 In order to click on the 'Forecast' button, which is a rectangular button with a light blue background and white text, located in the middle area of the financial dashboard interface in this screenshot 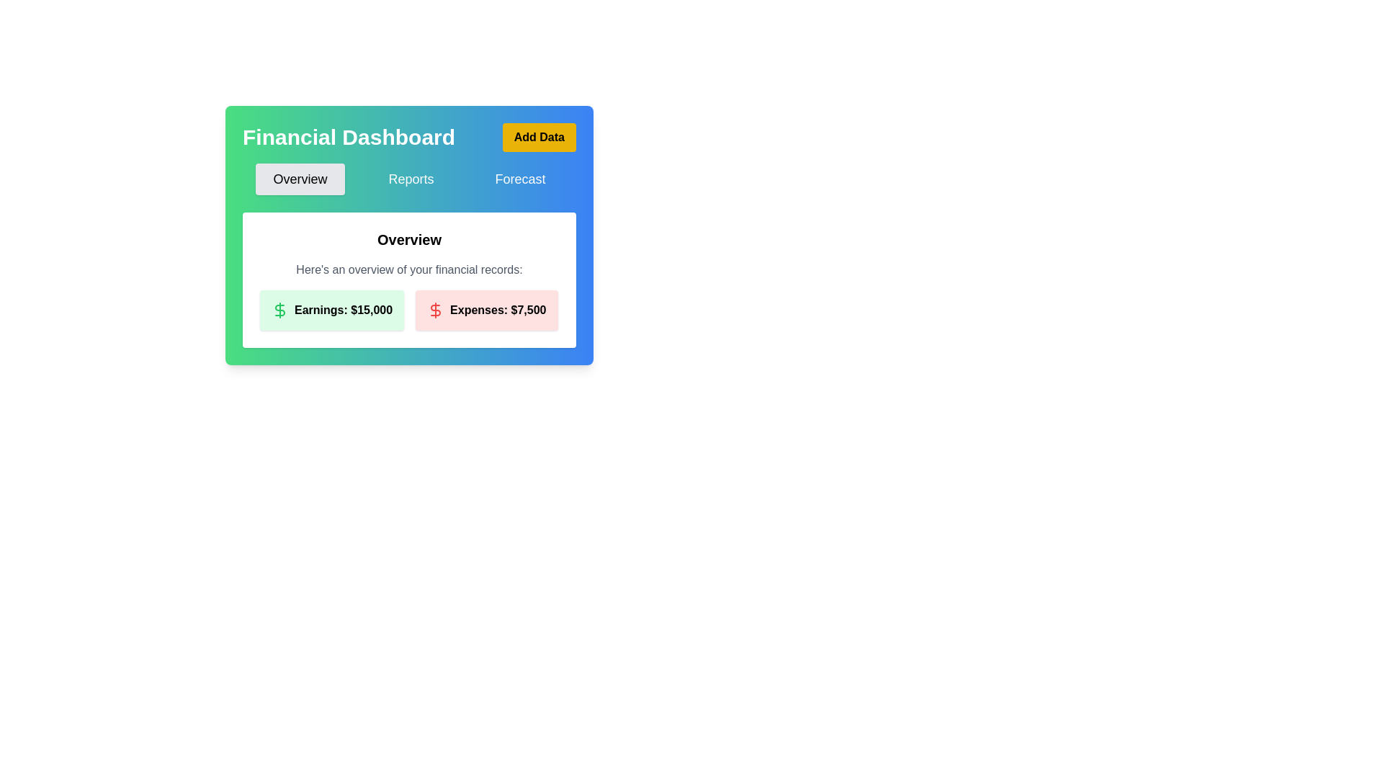, I will do `click(519, 179)`.